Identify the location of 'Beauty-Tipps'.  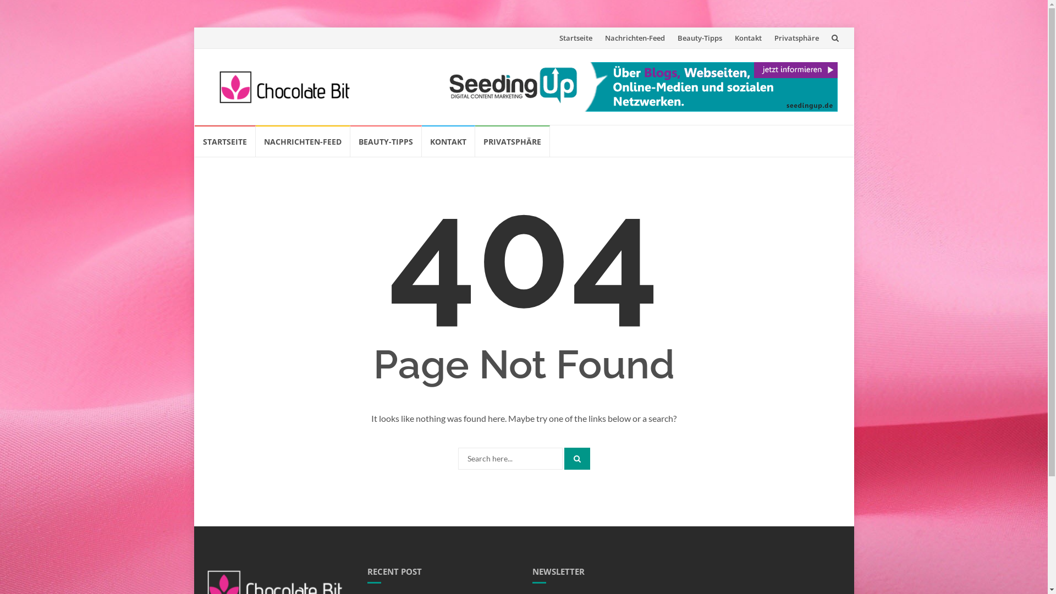
(699, 37).